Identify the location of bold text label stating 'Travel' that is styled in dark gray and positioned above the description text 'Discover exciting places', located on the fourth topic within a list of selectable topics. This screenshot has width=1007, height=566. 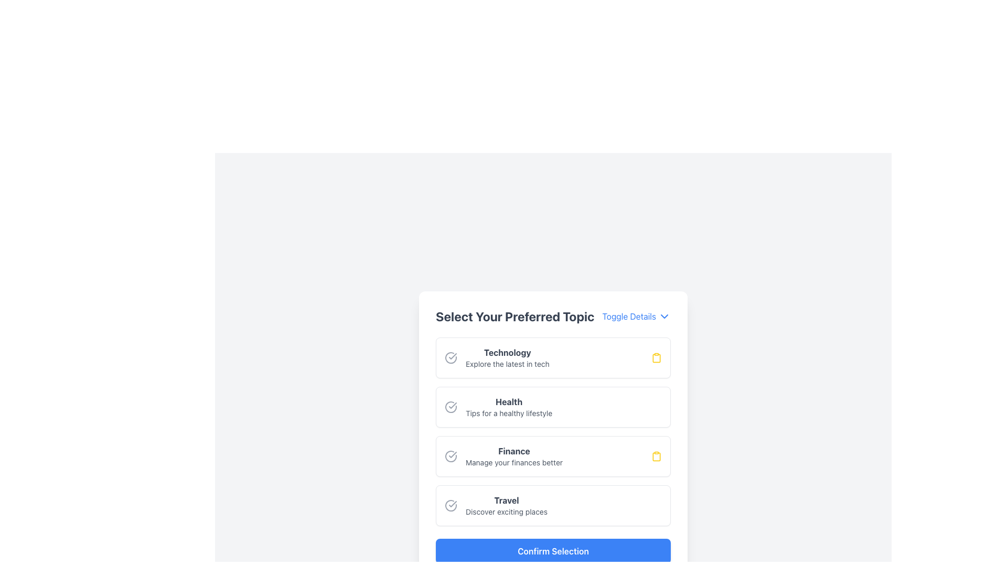
(506, 500).